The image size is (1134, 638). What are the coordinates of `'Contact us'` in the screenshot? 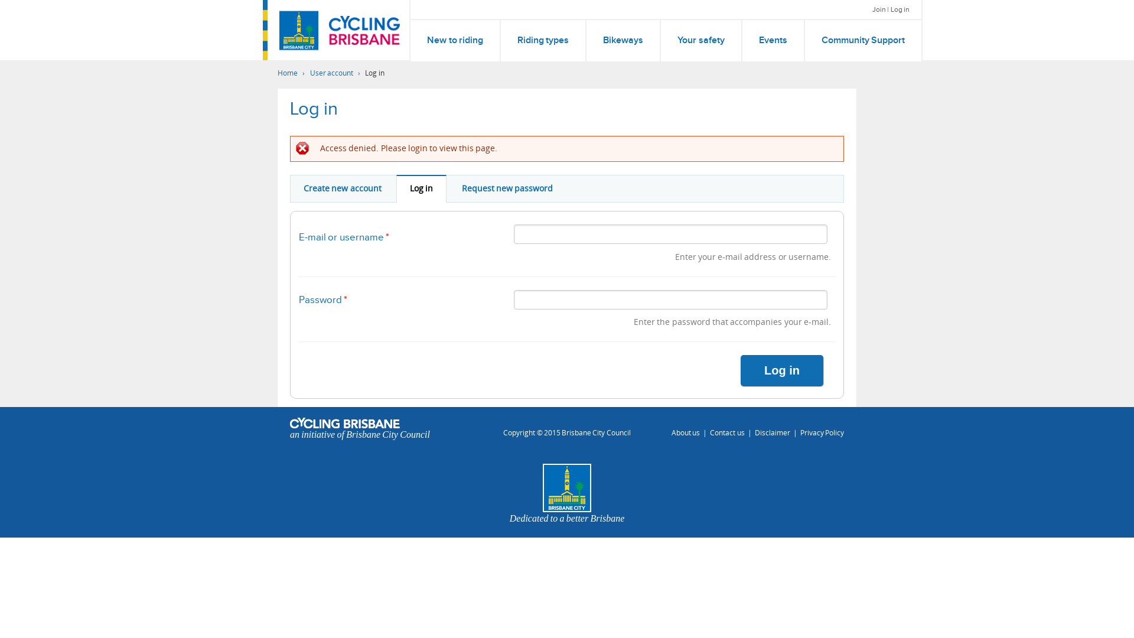 It's located at (726, 432).